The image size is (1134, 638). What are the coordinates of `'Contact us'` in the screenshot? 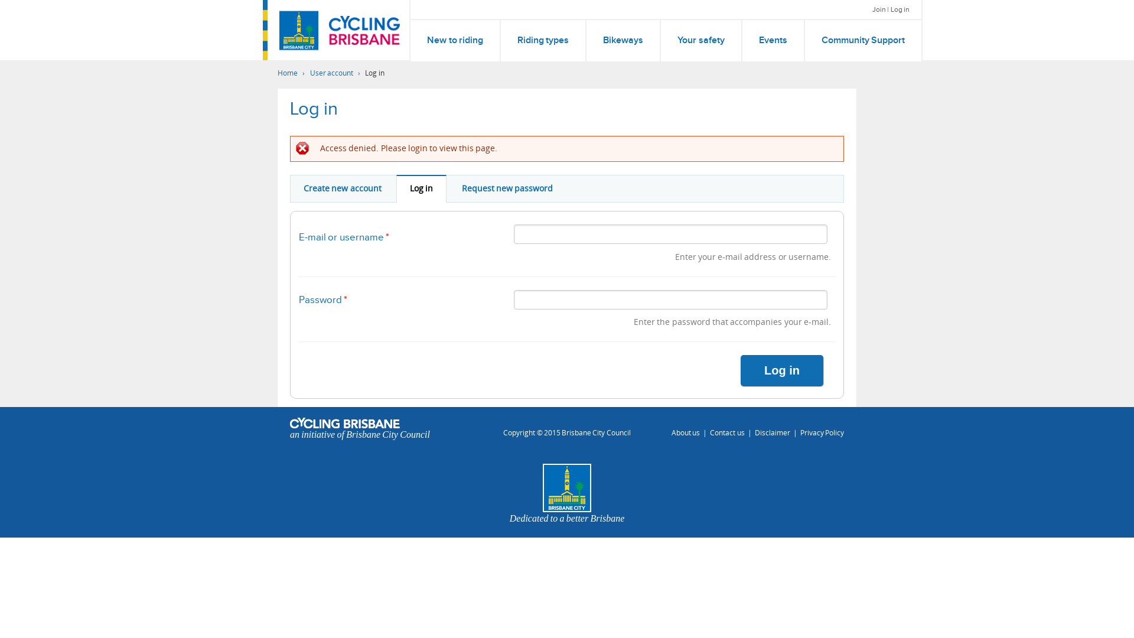 It's located at (726, 432).